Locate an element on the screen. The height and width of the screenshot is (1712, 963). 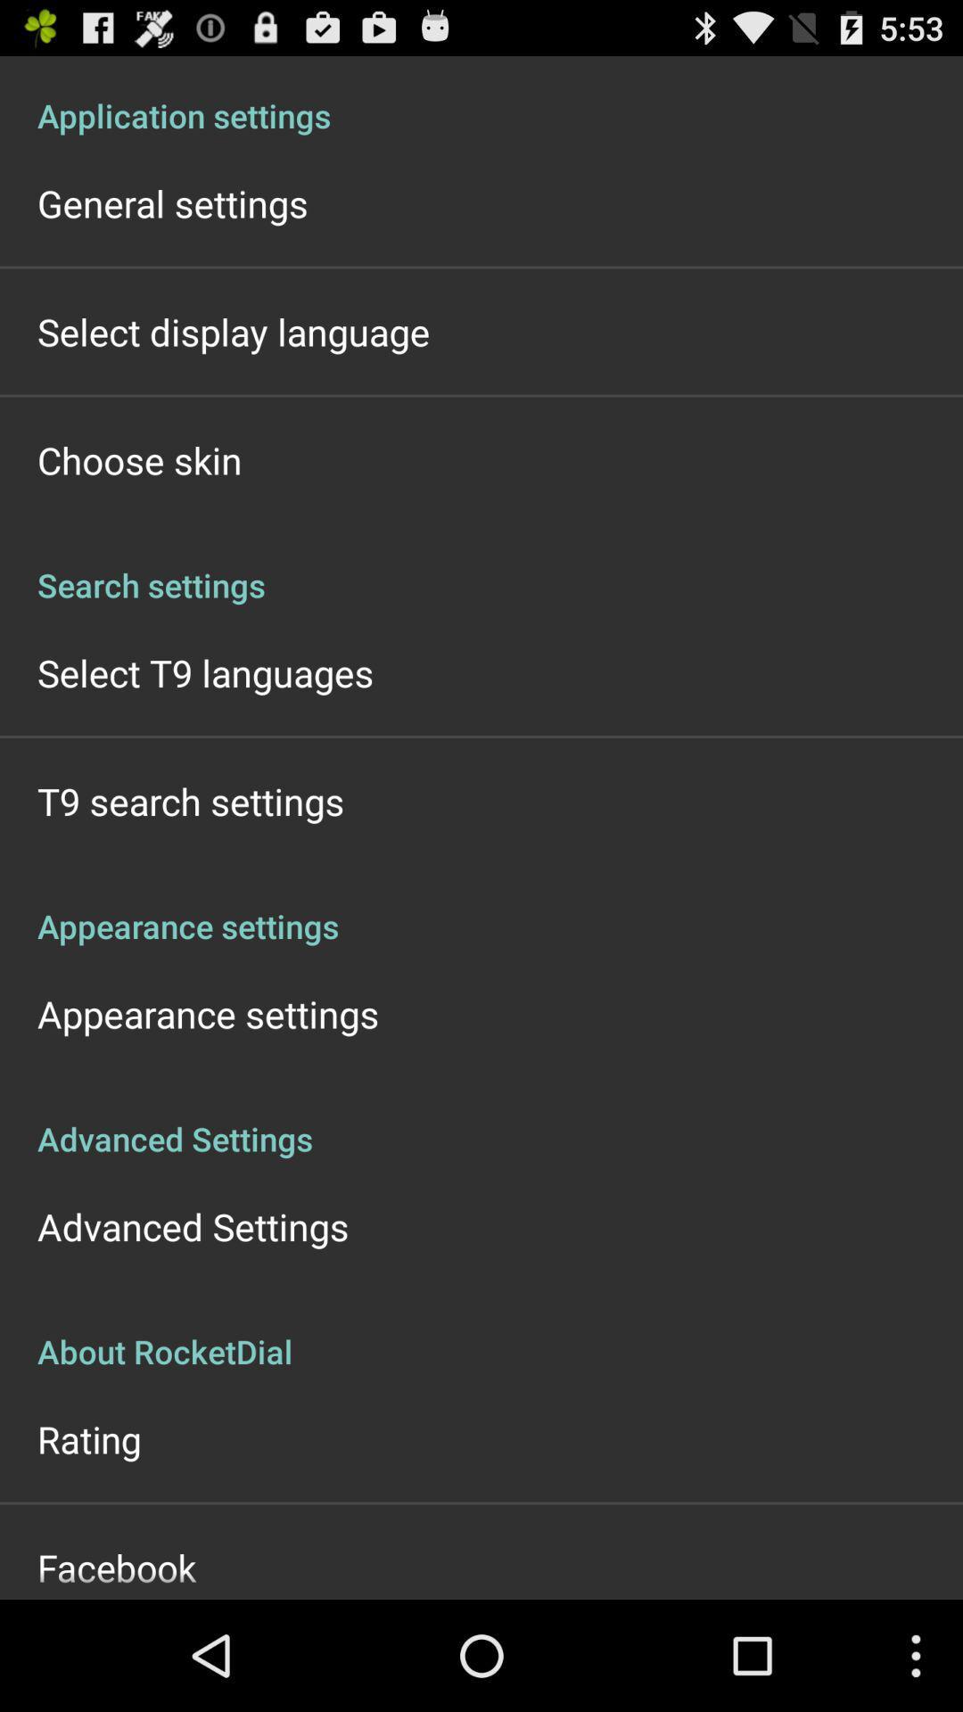
item above the t9 search settings is located at coordinates (204, 671).